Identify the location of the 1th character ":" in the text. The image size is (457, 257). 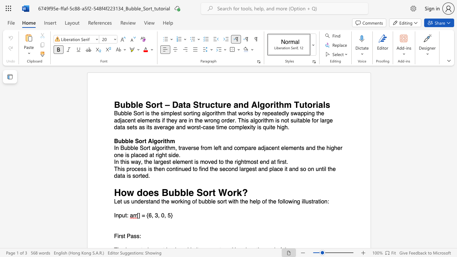
(328, 202).